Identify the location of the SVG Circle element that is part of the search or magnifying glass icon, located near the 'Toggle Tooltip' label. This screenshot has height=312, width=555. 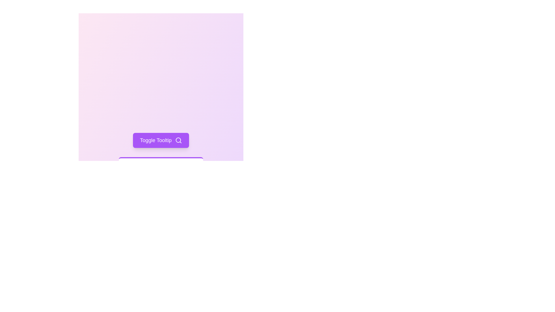
(178, 140).